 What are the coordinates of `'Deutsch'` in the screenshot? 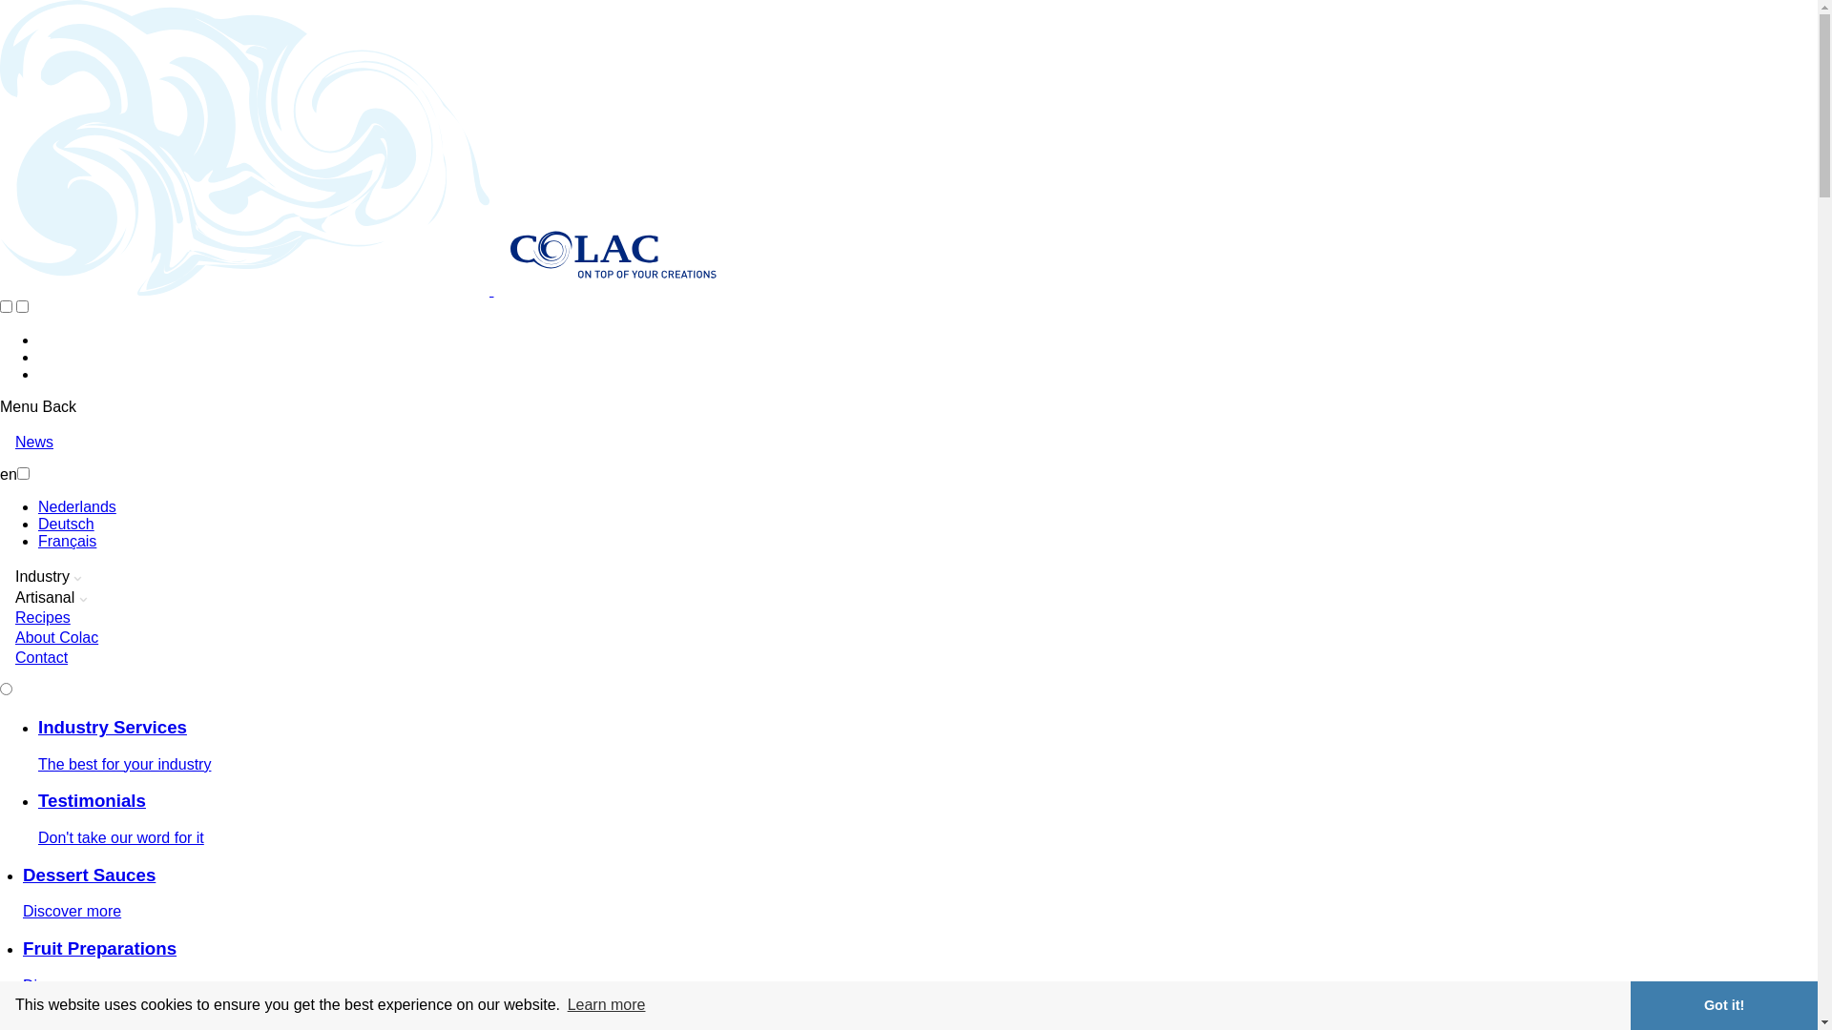 It's located at (66, 524).